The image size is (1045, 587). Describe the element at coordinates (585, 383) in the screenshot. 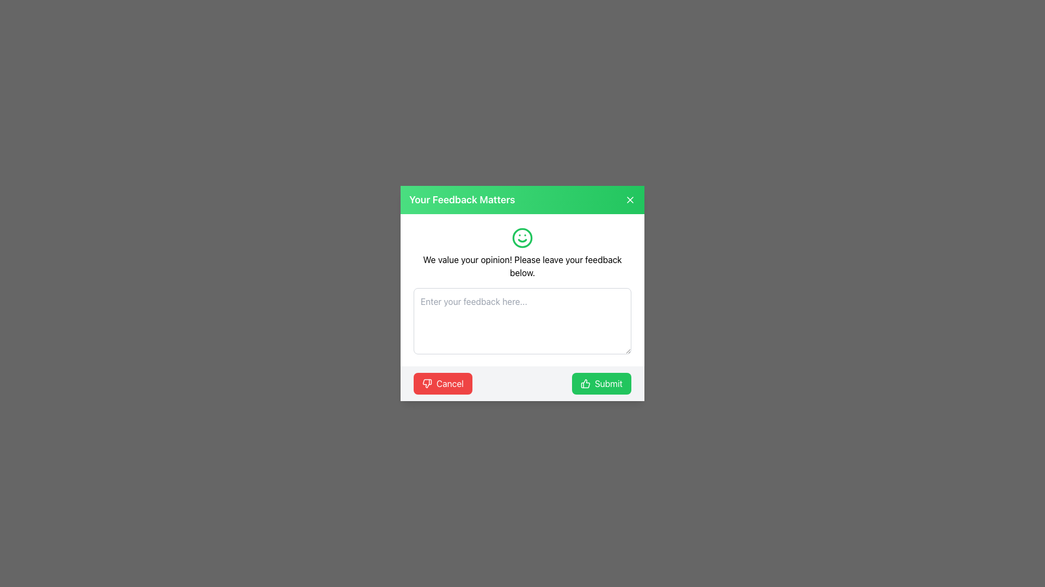

I see `the thumbs-up icon outlined in green and white, located within the 'Submit' button at the bottom-right of the modal dialog, positioned left of the 'Submit' text` at that location.